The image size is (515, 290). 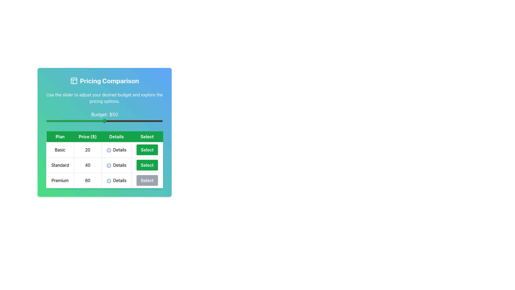 I want to click on the slider track of the horizontally oriented range slider labeled 'Budget: $50' to move the green circular knob, so click(x=104, y=118).